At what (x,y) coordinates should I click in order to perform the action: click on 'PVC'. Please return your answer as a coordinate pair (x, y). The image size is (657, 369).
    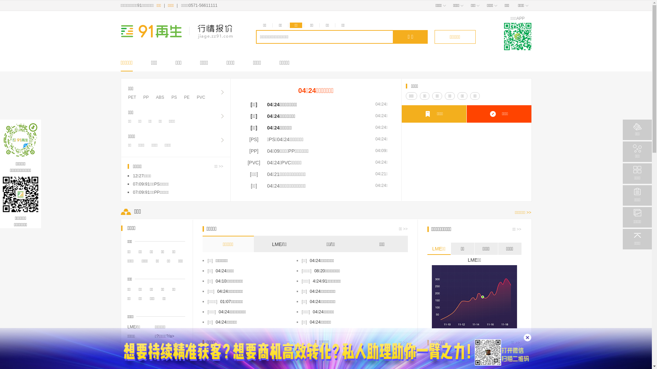
    Looking at the image, I should click on (201, 97).